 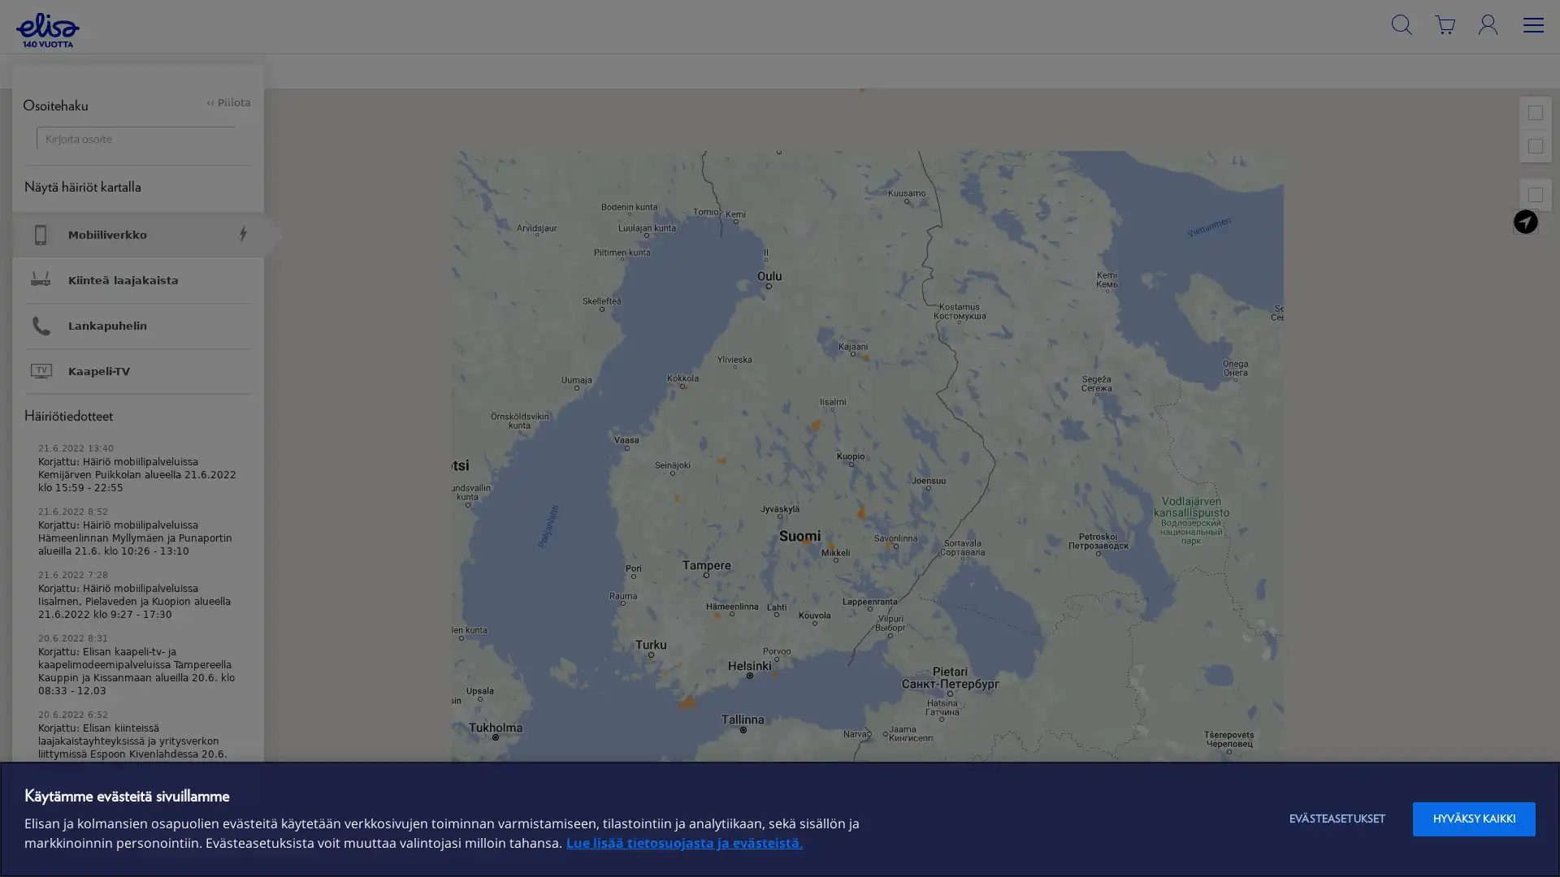 I want to click on Jatka ostoksia, so click(x=404, y=183).